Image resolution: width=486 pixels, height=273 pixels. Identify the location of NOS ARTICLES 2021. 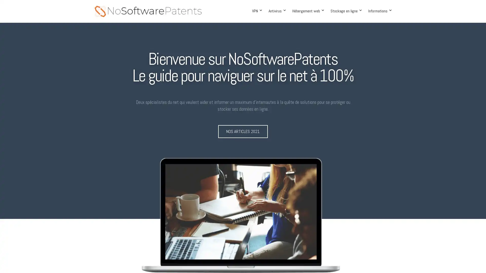
(243, 131).